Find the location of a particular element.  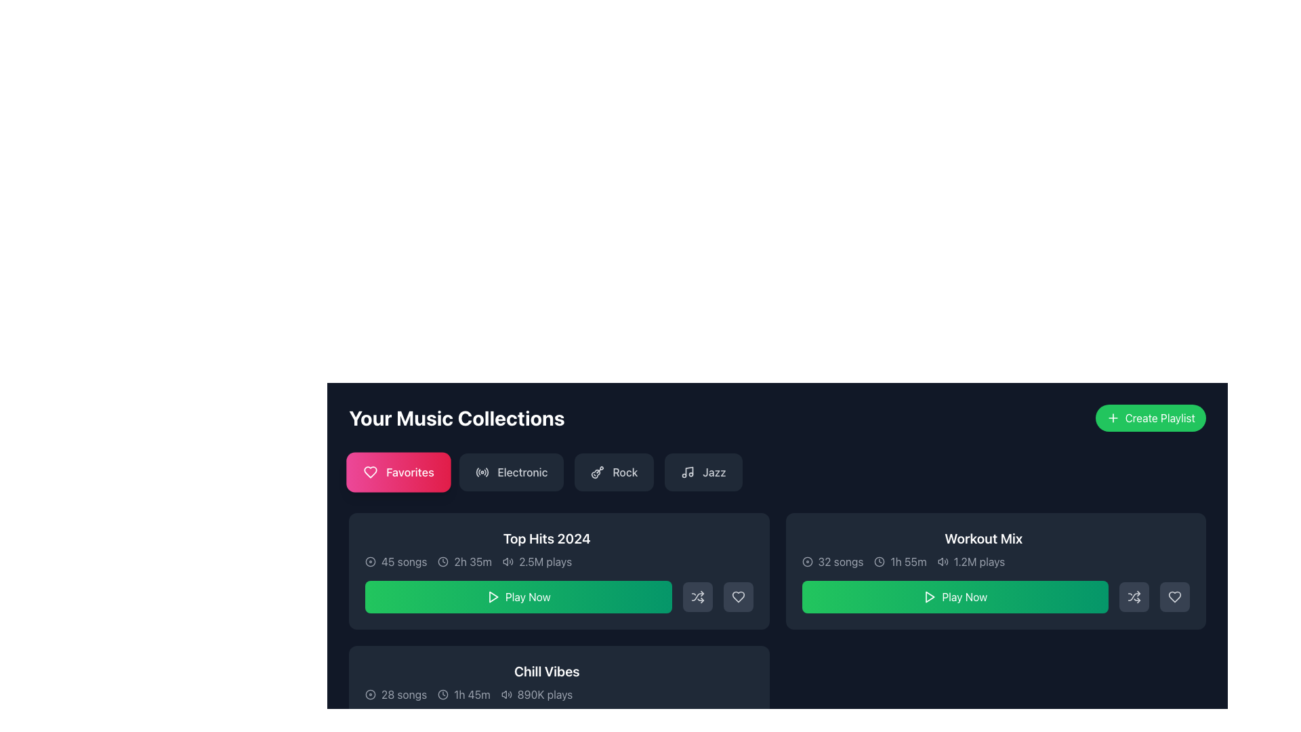

the Heart Icon located in the bottom right corner of the 'Workout Mix' playlist is located at coordinates (1174, 596).